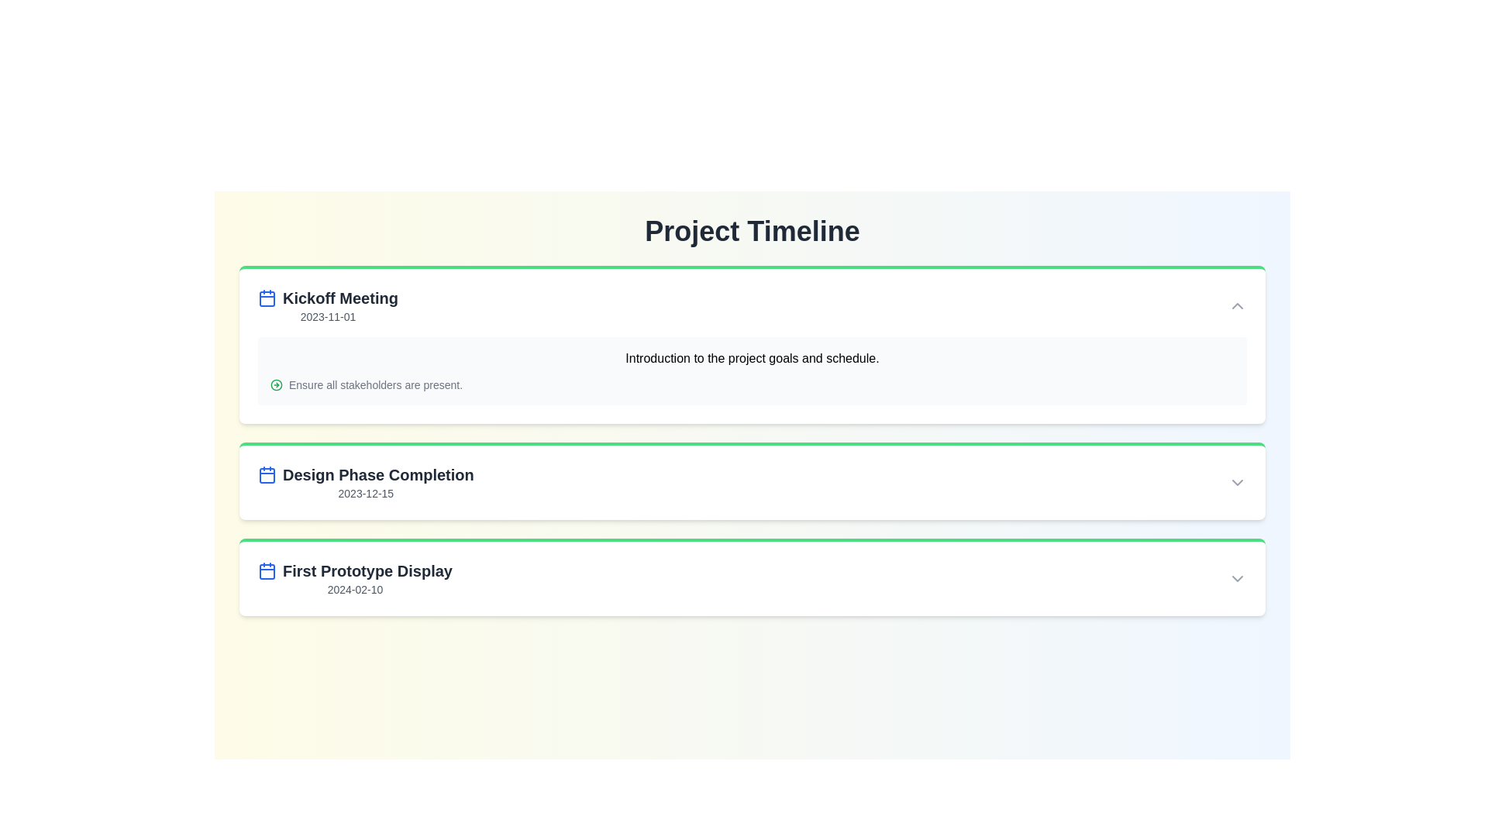 This screenshot has height=837, width=1488. Describe the element at coordinates (267, 570) in the screenshot. I see `the calendar icon located to the left of the title 'First Prototype Display' in the third section of the project timeline` at that location.